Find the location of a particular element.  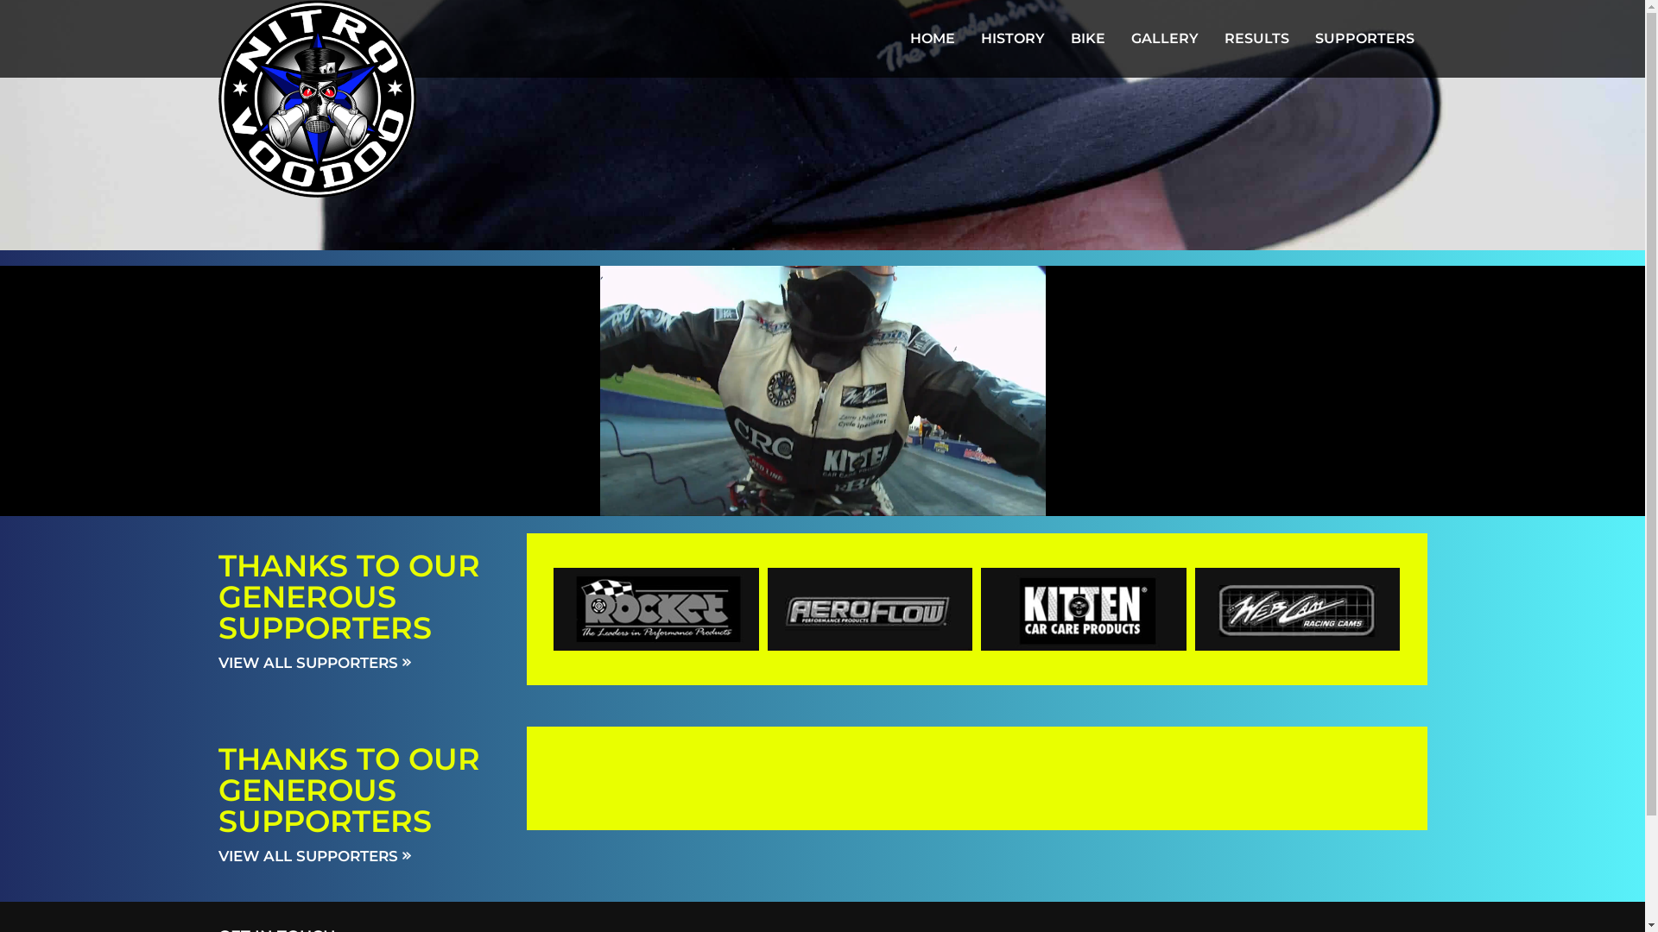

'SUPPORTERS' is located at coordinates (1364, 39).